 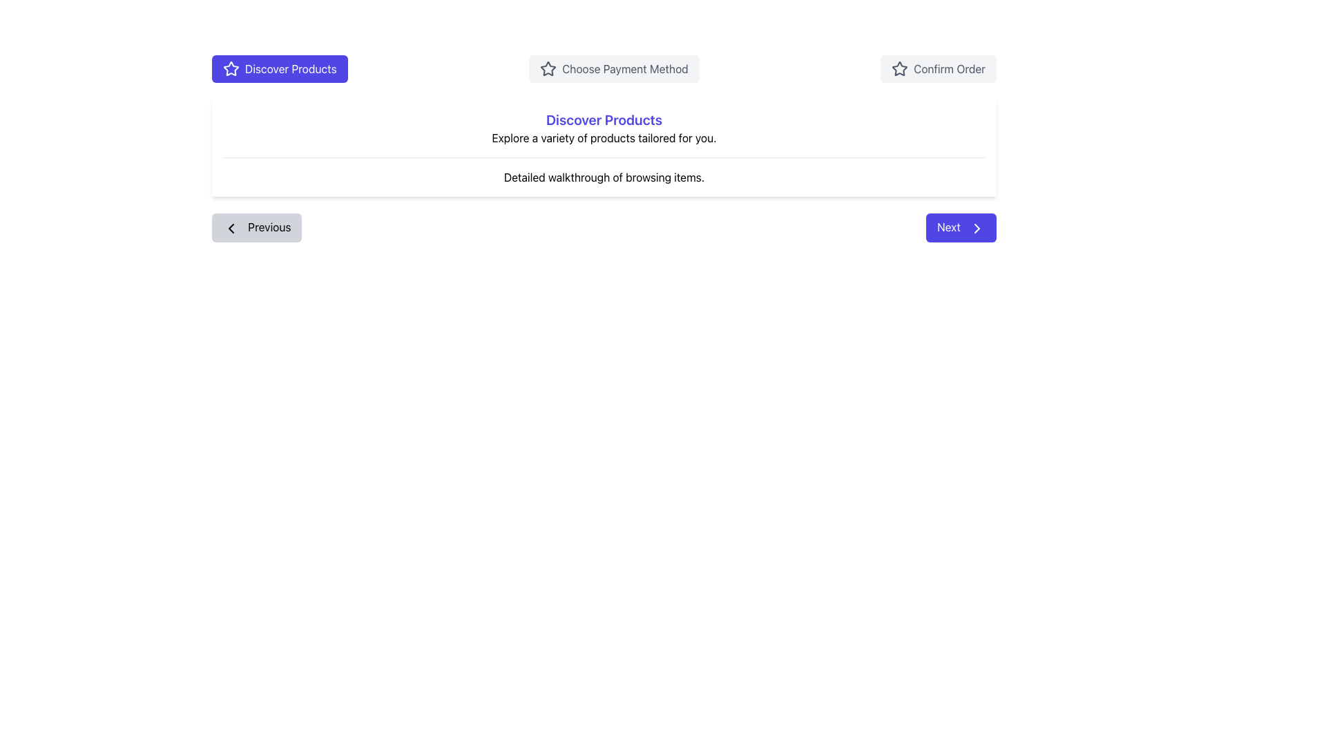 What do you see at coordinates (604, 138) in the screenshot?
I see `the text label that reads 'Explore a variety of products tailored for you.' which is located below the 'Discover Products' title and above the 'Detailed walkthrough of browsing items.' description` at bounding box center [604, 138].